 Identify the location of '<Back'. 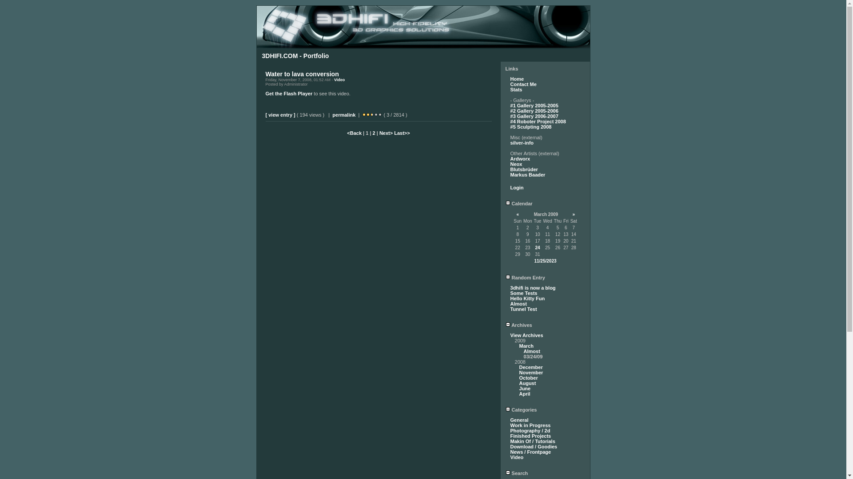
(354, 133).